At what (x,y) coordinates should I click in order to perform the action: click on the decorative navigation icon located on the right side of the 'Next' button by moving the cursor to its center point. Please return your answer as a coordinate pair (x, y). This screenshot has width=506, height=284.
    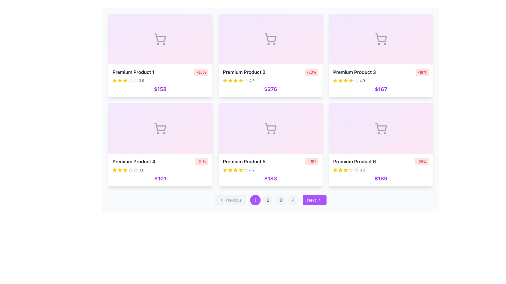
    Looking at the image, I should click on (319, 200).